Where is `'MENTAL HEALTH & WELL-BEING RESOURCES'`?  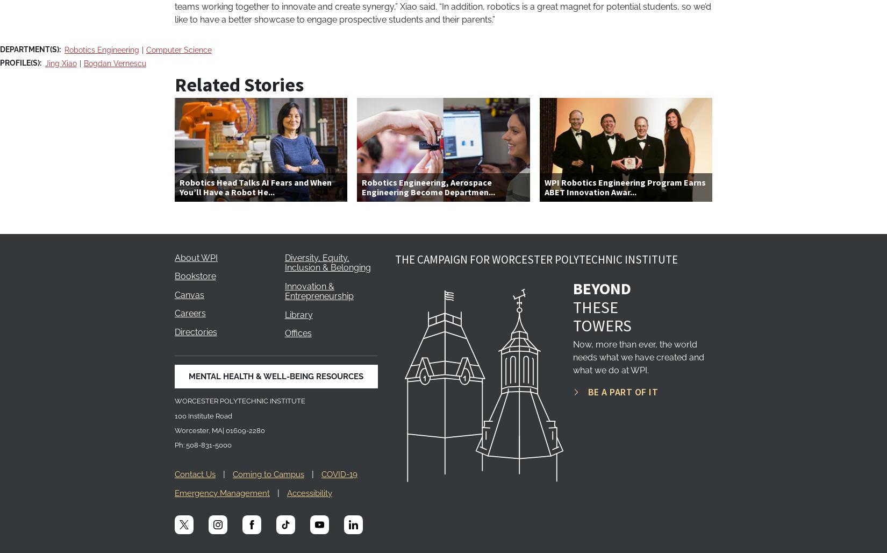
'MENTAL HEALTH & WELL-BEING RESOURCES' is located at coordinates (275, 376).